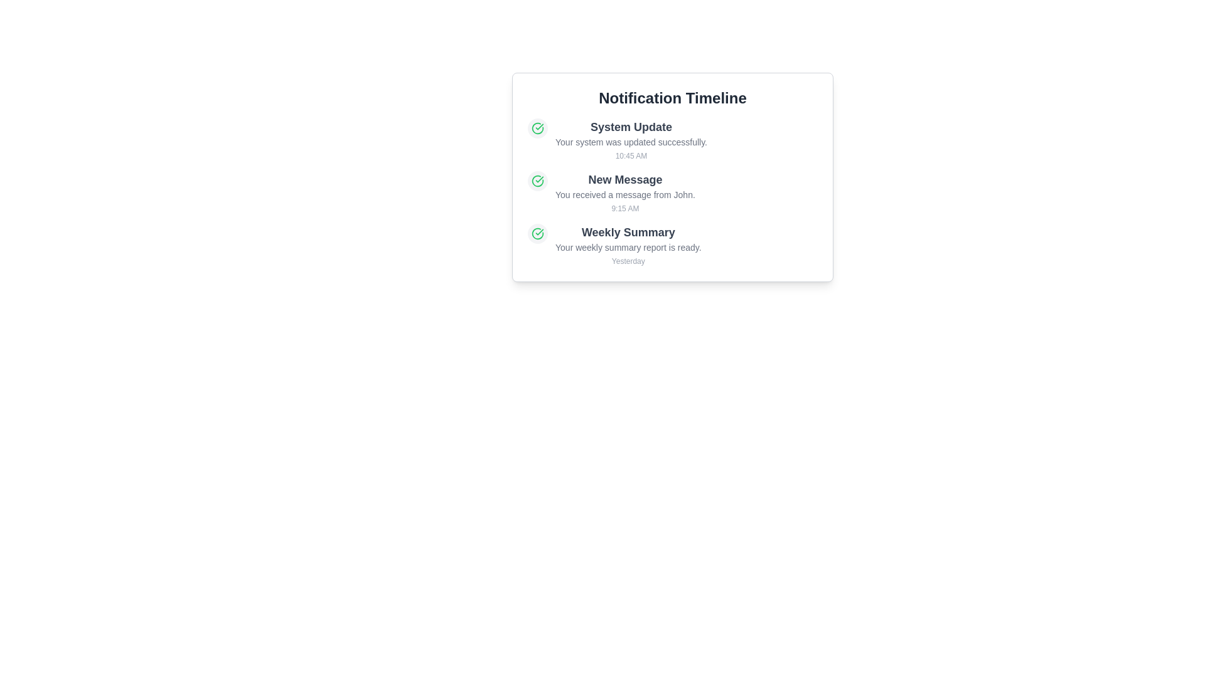 The image size is (1205, 677). I want to click on the third Notification Card element in the notification section, so click(672, 244).